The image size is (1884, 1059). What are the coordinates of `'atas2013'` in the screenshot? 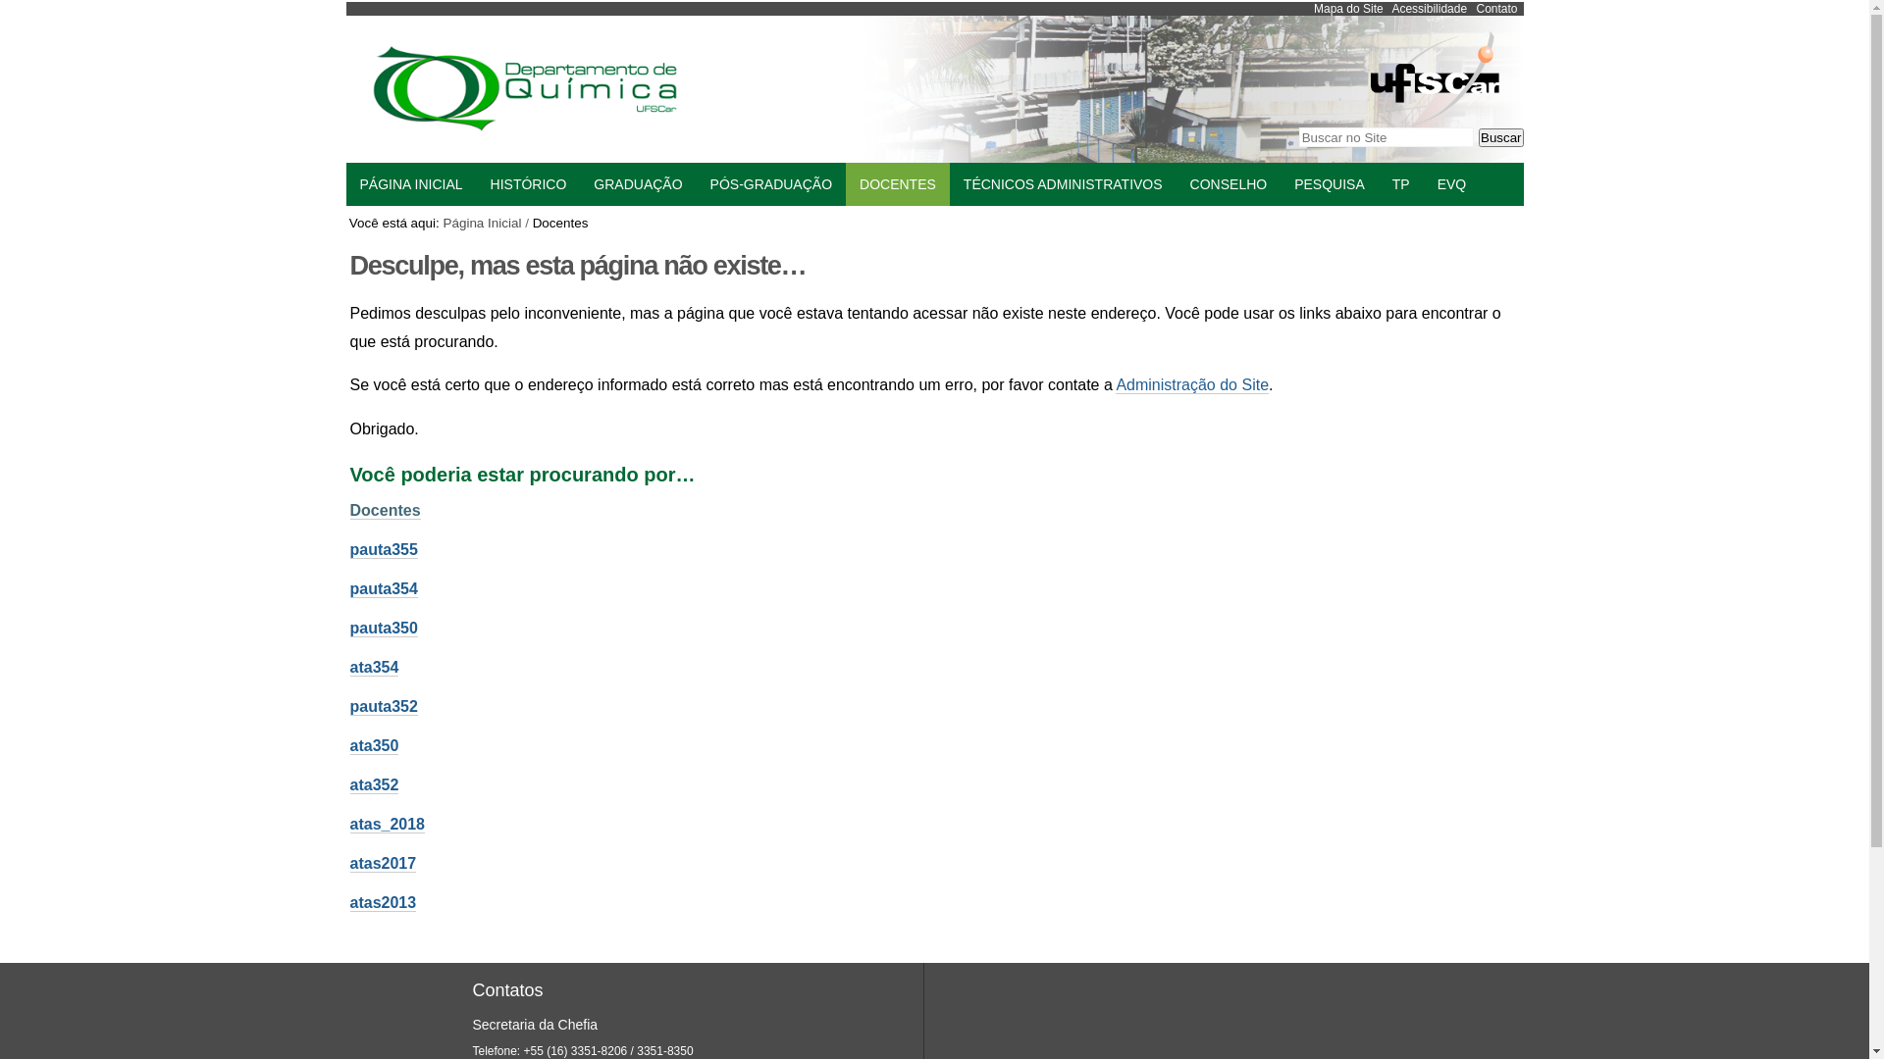 It's located at (382, 903).